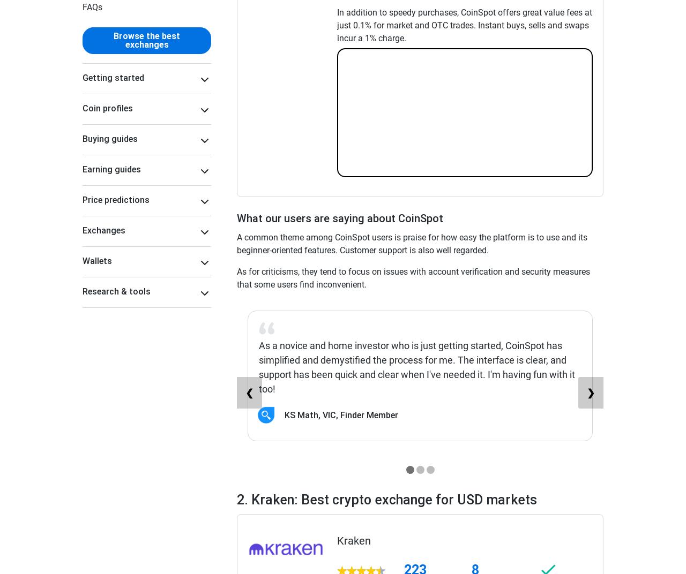  Describe the element at coordinates (416, 366) in the screenshot. I see `'As a novice and home investor who is just getting started, CoinSpot has simplified and demystified the process for me. The interface is clear, and support has been quick and clear when I've needed it. I'm having fun with it too!'` at that location.